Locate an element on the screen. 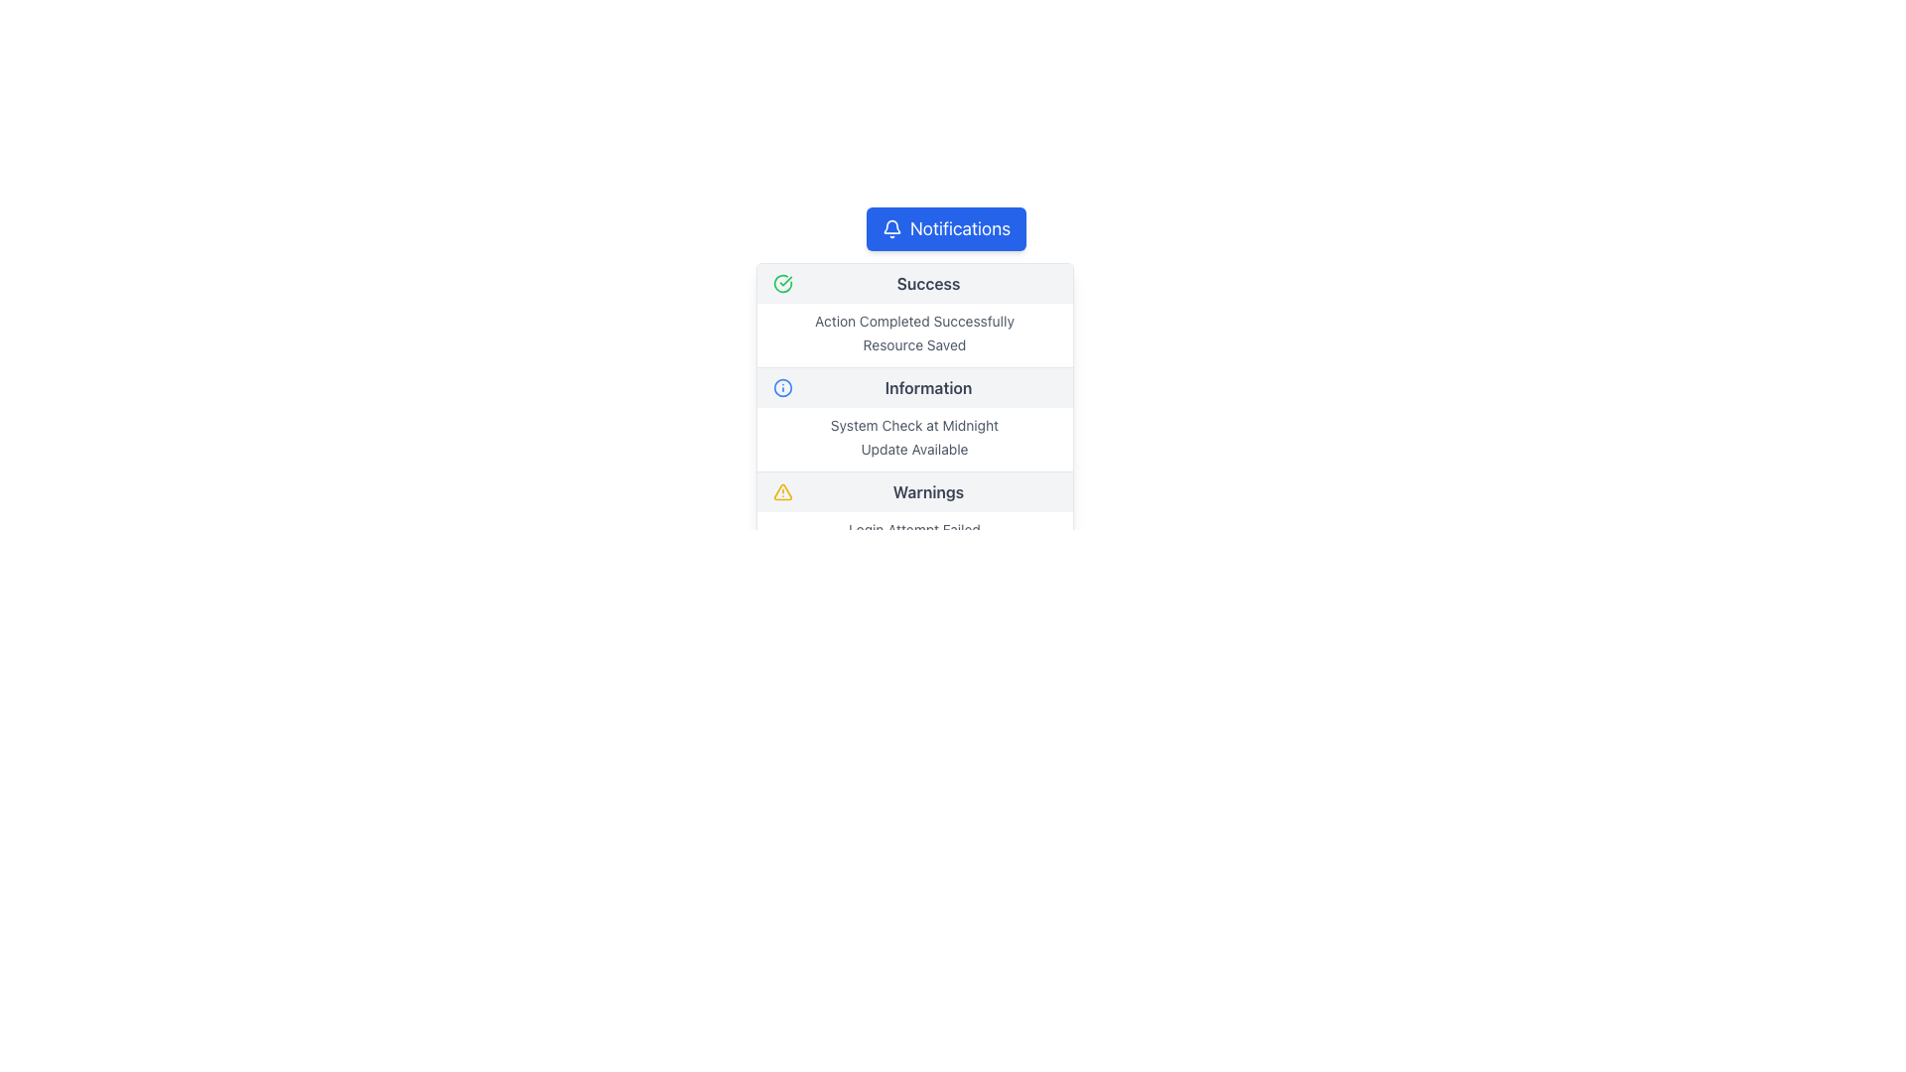 Image resolution: width=1906 pixels, height=1072 pixels. the text label displaying 'System Check at Midnight' located in the 'Information' notification card, positioned below the 'Information' header is located at coordinates (913, 424).